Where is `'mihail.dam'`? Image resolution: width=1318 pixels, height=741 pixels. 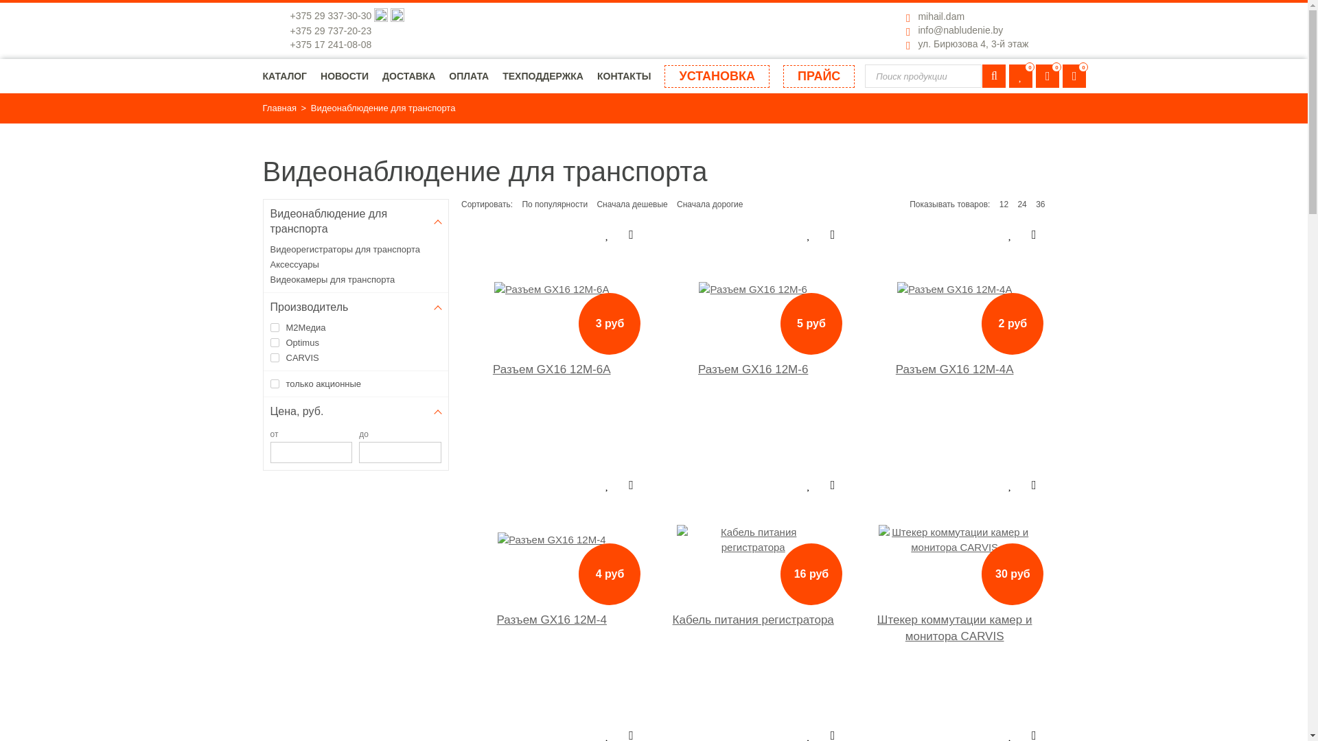 'mihail.dam' is located at coordinates (940, 16).